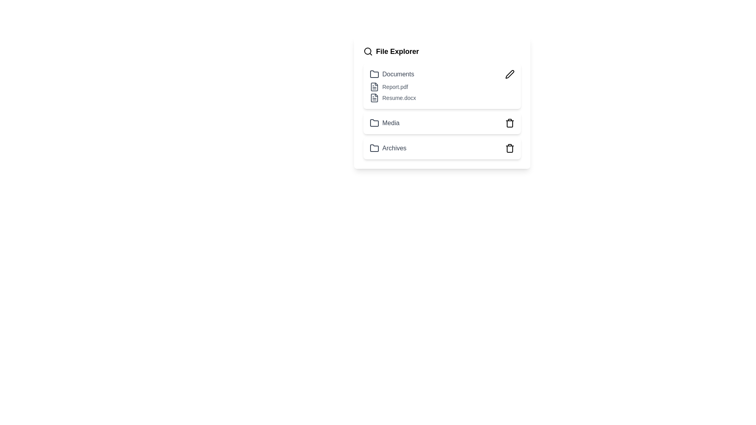  Describe the element at coordinates (442, 148) in the screenshot. I see `the 'Archives' section, which is the fourth item in the vertical arrangement under 'File Explorer'` at that location.